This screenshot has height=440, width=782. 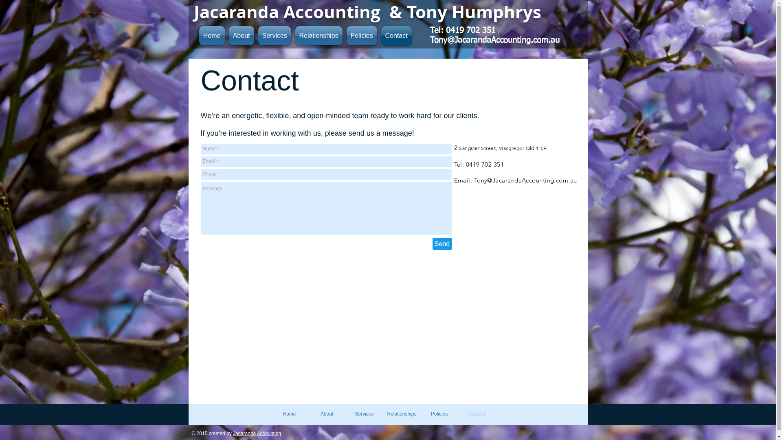 What do you see at coordinates (439, 414) in the screenshot?
I see `'Policies'` at bounding box center [439, 414].